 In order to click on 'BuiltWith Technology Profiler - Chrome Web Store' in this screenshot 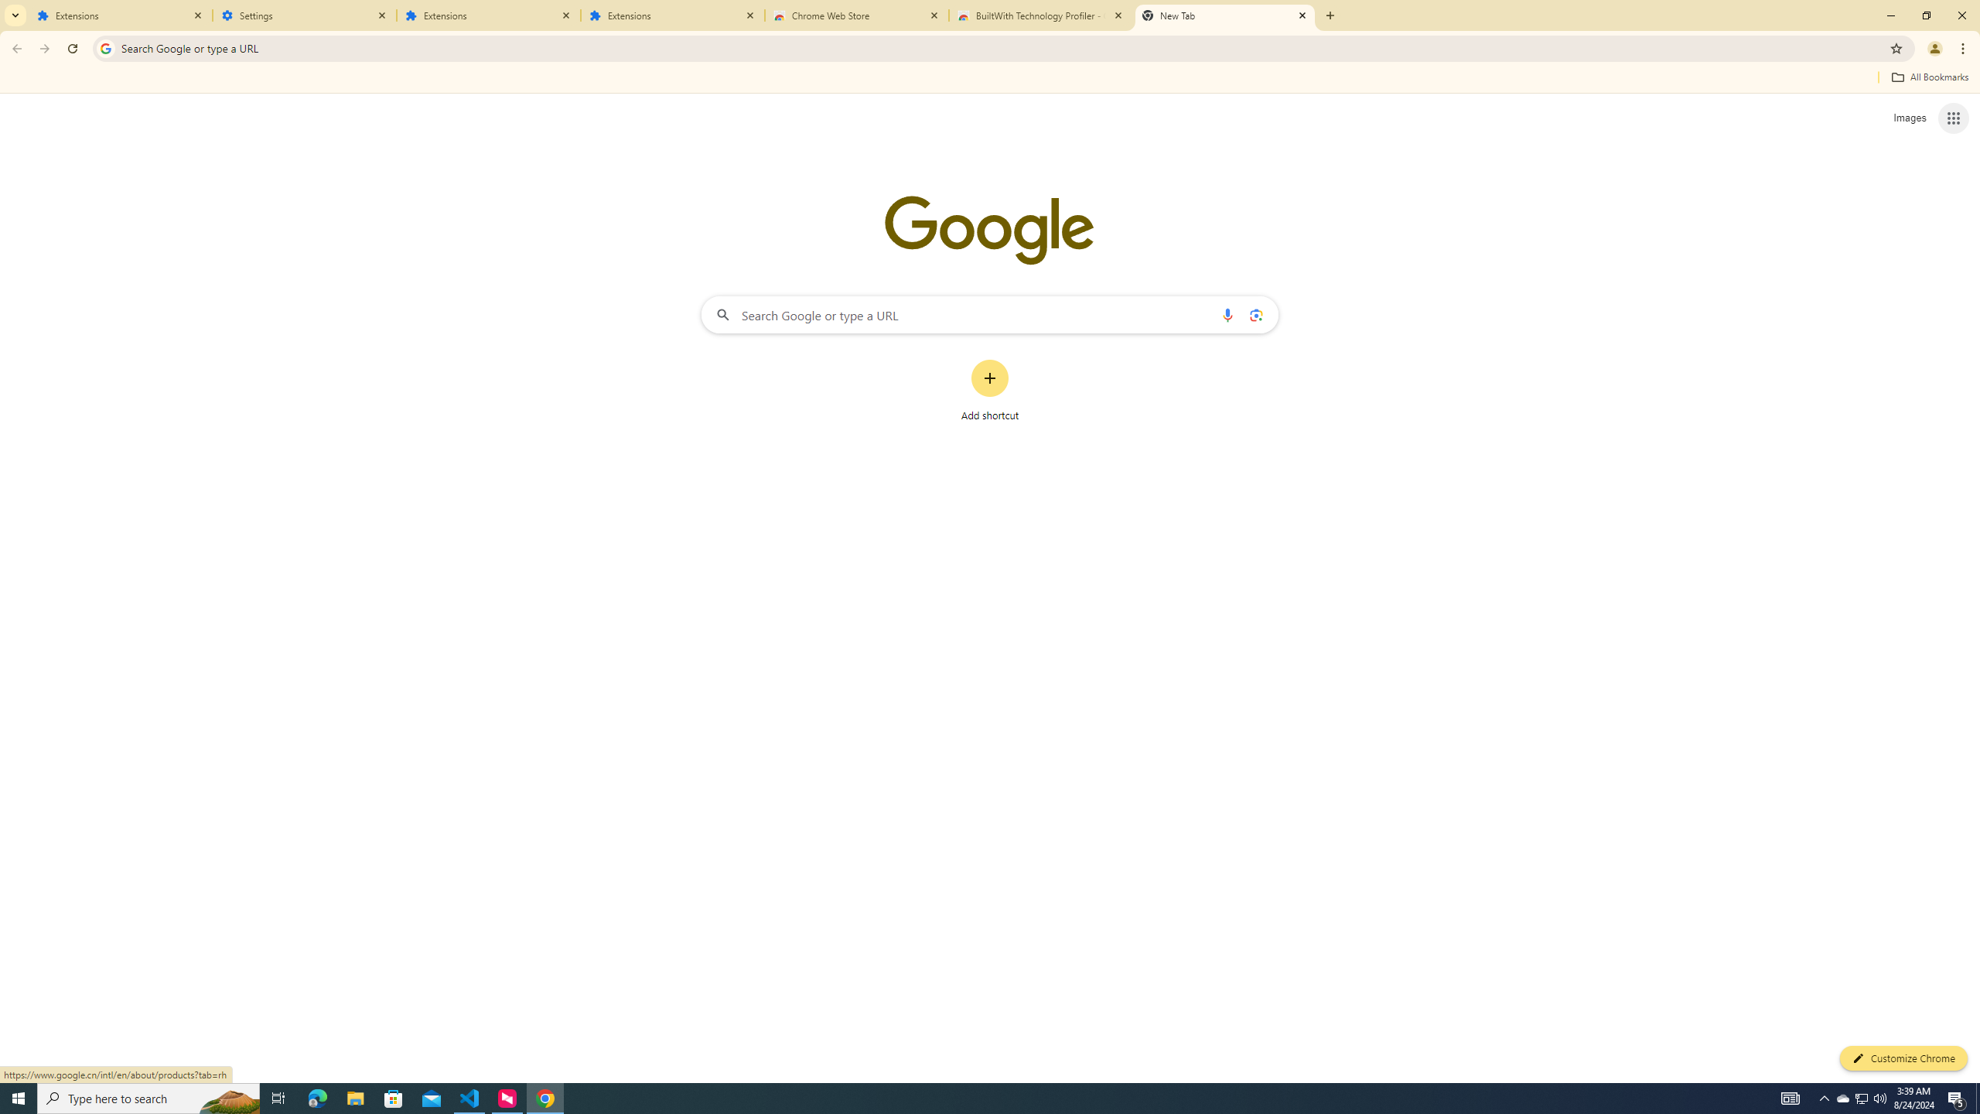, I will do `click(1040, 15)`.